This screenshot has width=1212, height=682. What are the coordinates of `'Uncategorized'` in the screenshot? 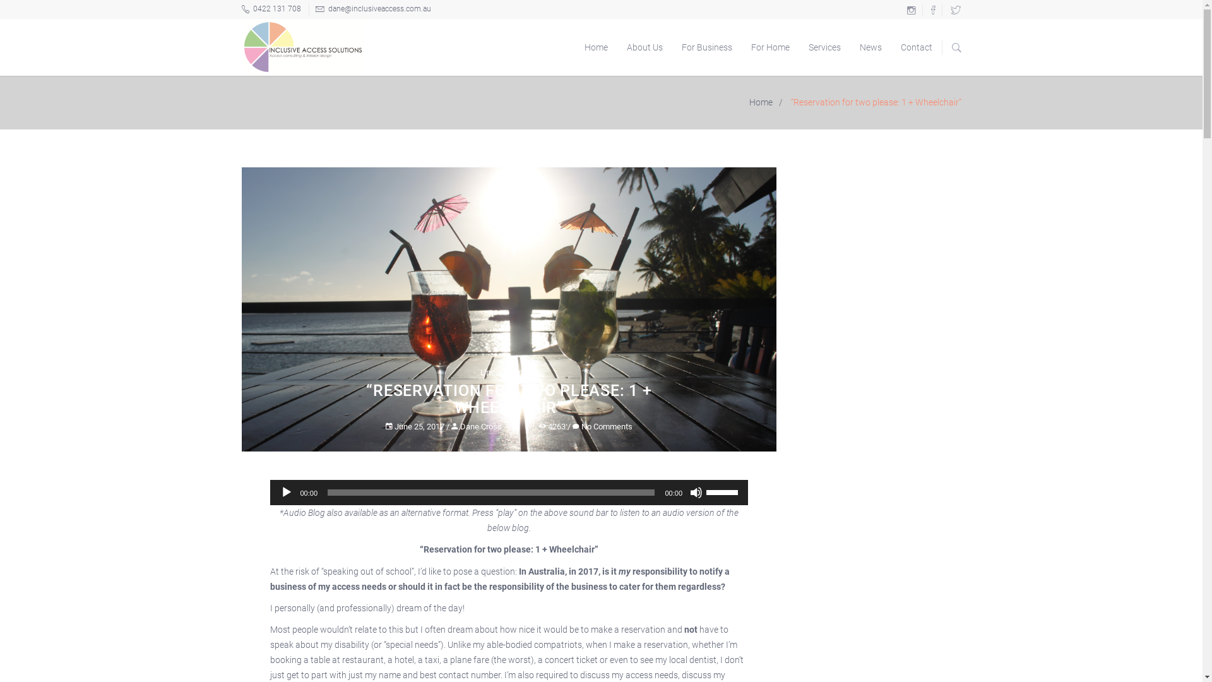 It's located at (509, 372).